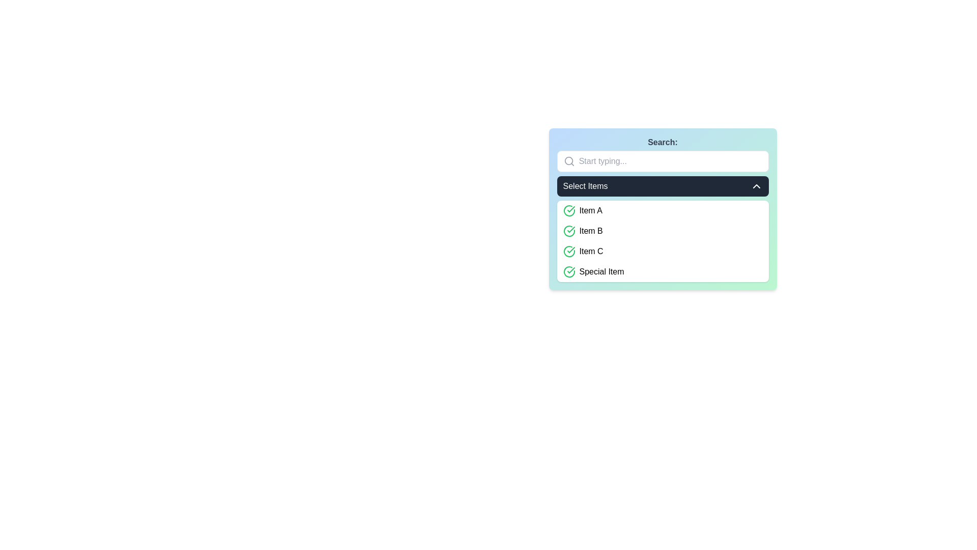  What do you see at coordinates (663, 271) in the screenshot?
I see `the dropdown list item labeled 'Special Item', which is the fourth option in the dropdown menu` at bounding box center [663, 271].